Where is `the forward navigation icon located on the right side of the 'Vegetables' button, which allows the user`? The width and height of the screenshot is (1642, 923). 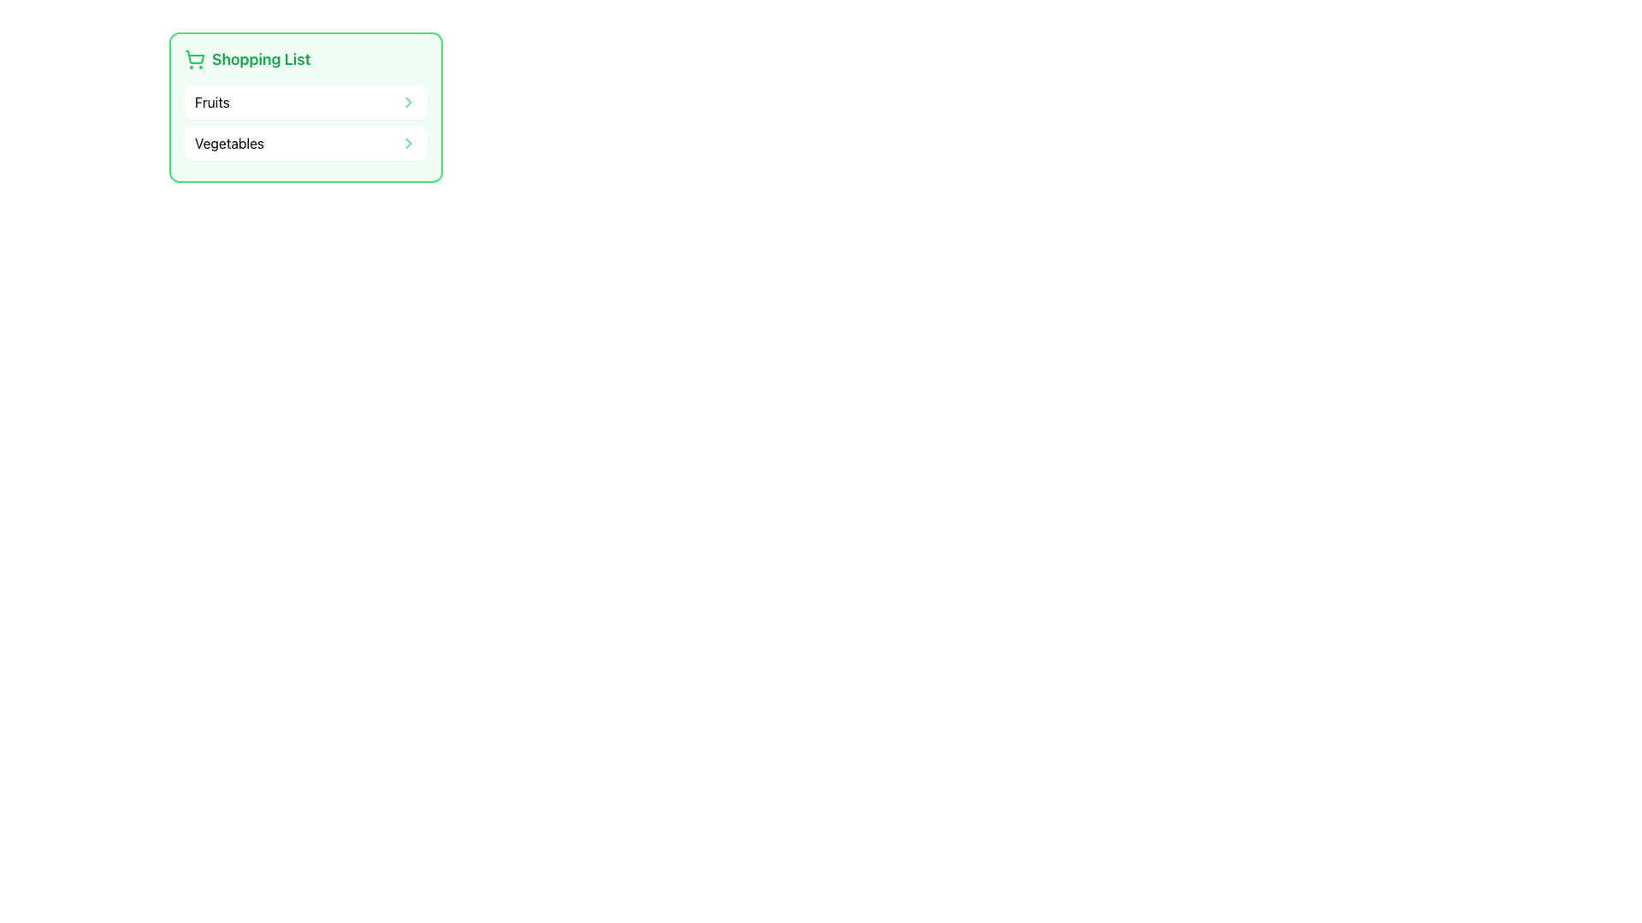
the forward navigation icon located on the right side of the 'Vegetables' button, which allows the user is located at coordinates (408, 143).